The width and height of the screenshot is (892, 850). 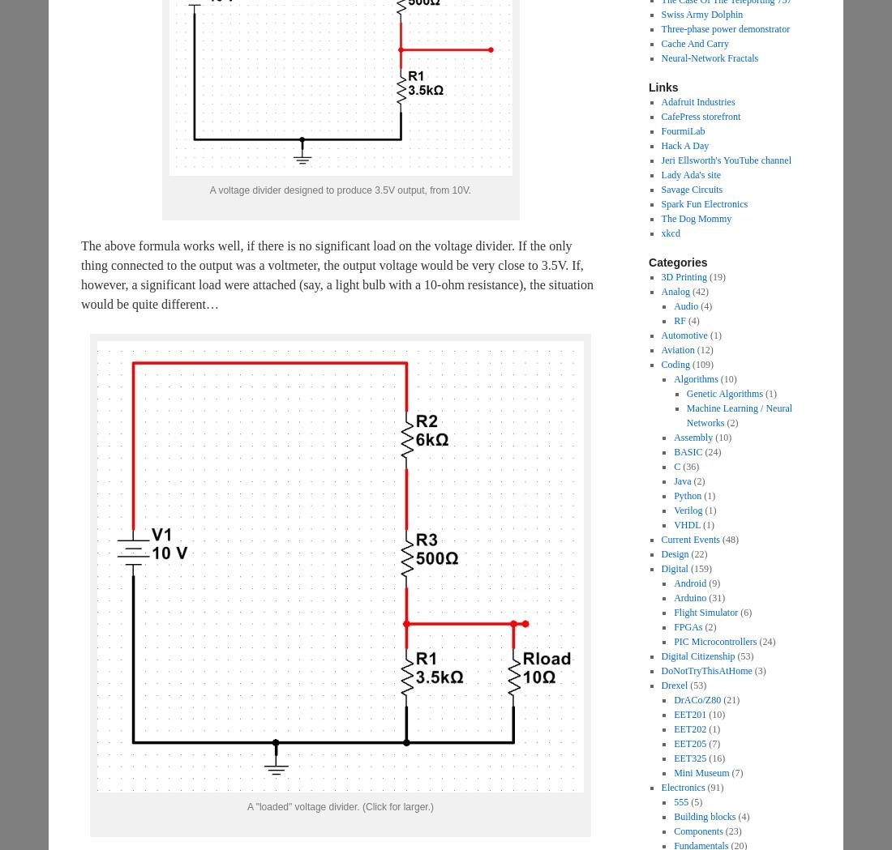 I want to click on 'Lady Ada's site', so click(x=689, y=174).